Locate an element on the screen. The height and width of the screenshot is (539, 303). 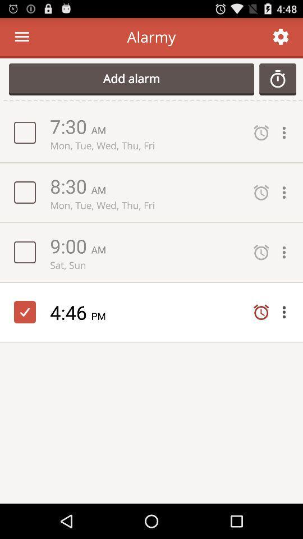
the button next to the add alarm button is located at coordinates (277, 79).